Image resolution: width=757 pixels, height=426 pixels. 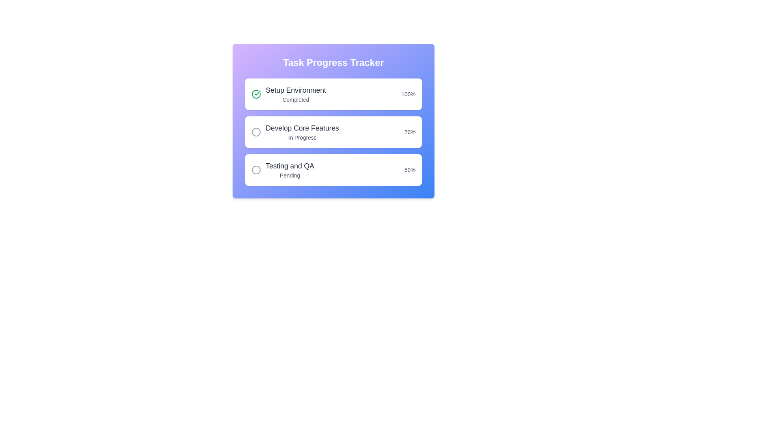 I want to click on the circular icon representing the pending status of the 'Testing and QA' task located at the bottom of the progress tracker card, so click(x=256, y=170).